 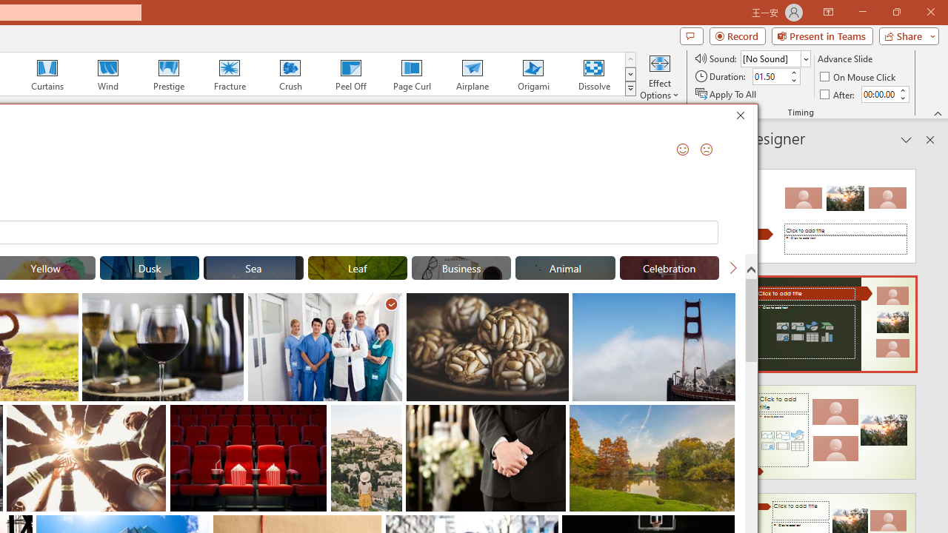 I want to click on 'More', so click(x=901, y=90).